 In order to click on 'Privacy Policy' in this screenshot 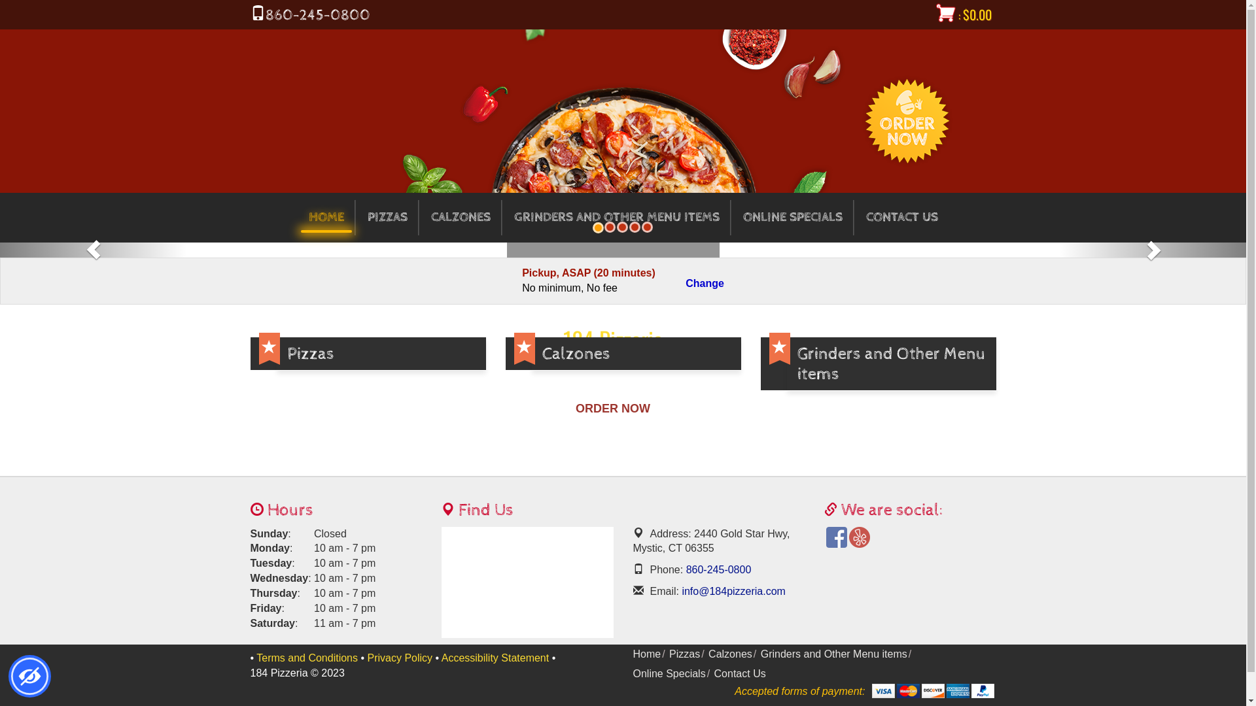, I will do `click(399, 658)`.